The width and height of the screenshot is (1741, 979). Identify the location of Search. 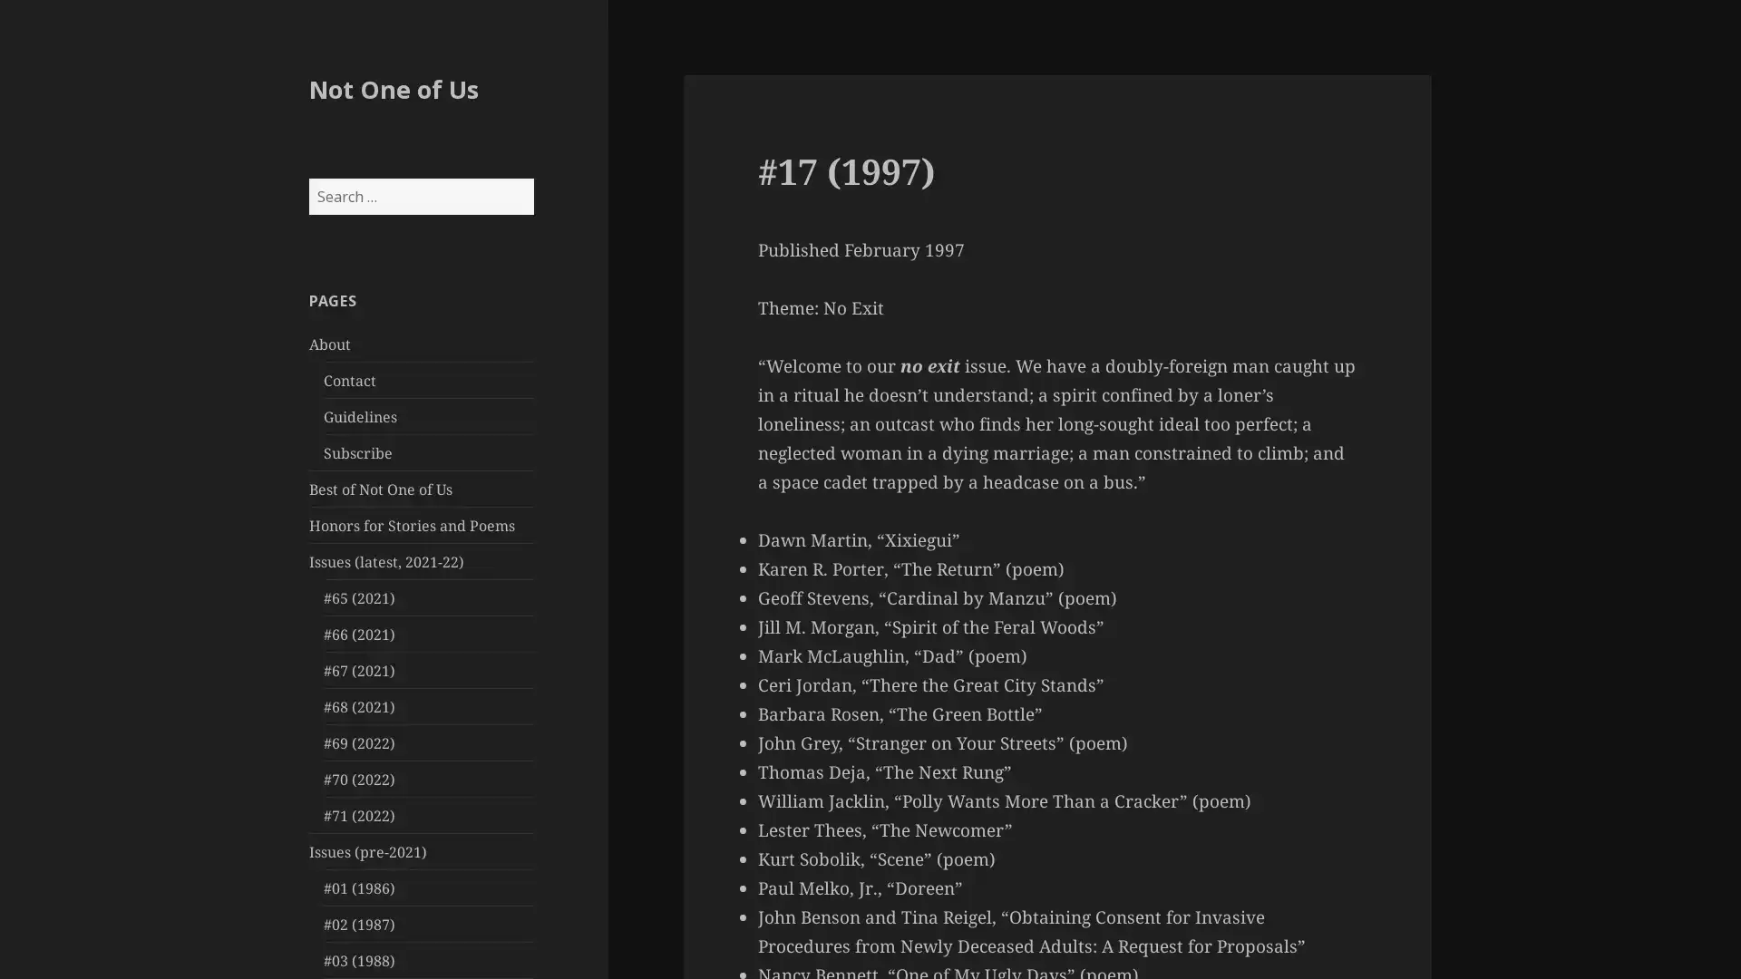
(531, 178).